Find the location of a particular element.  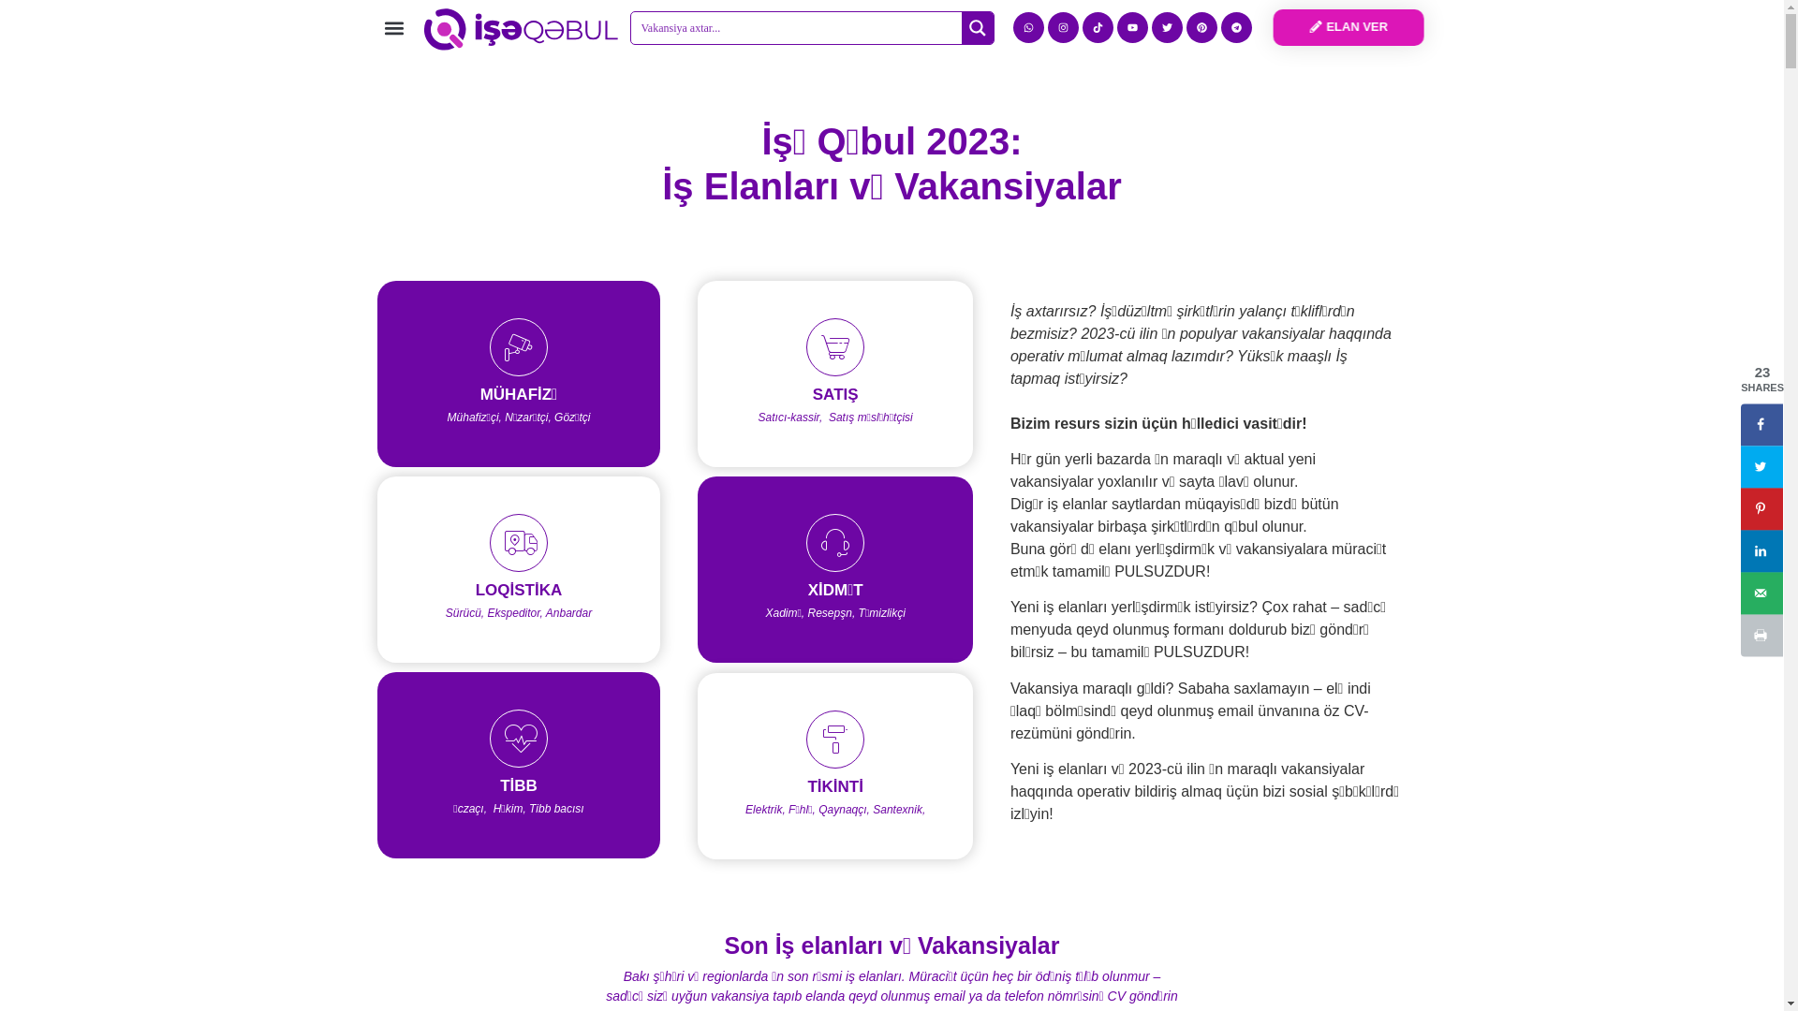

'Share on Twitter' is located at coordinates (1761, 465).